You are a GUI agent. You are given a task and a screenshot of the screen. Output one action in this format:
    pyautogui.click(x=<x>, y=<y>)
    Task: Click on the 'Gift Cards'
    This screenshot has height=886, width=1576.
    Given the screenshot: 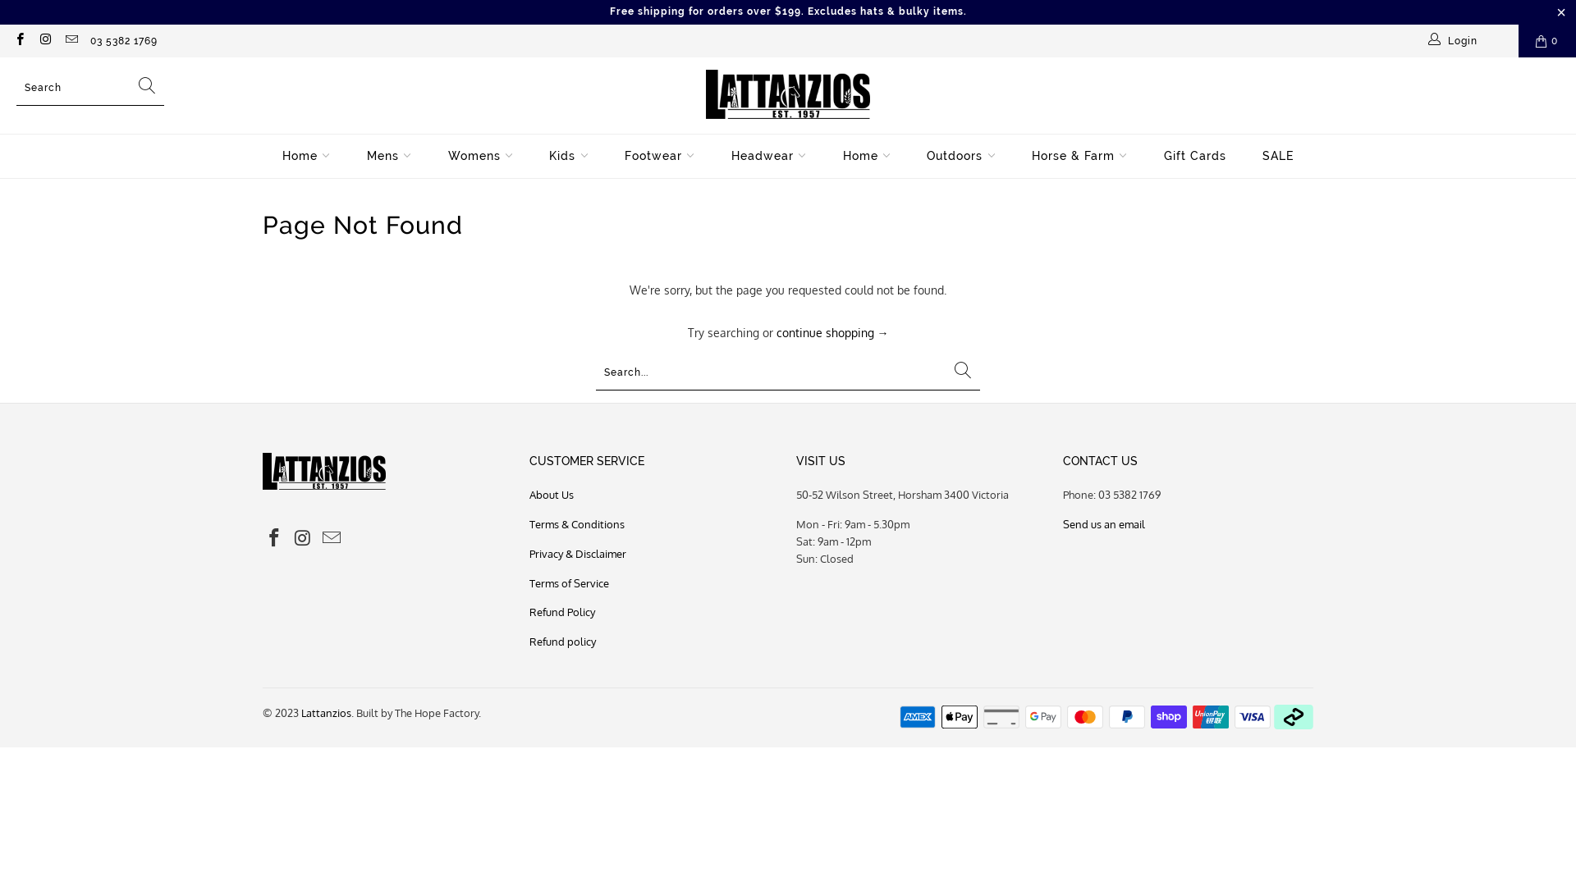 What is the action you would take?
    pyautogui.click(x=1194, y=156)
    